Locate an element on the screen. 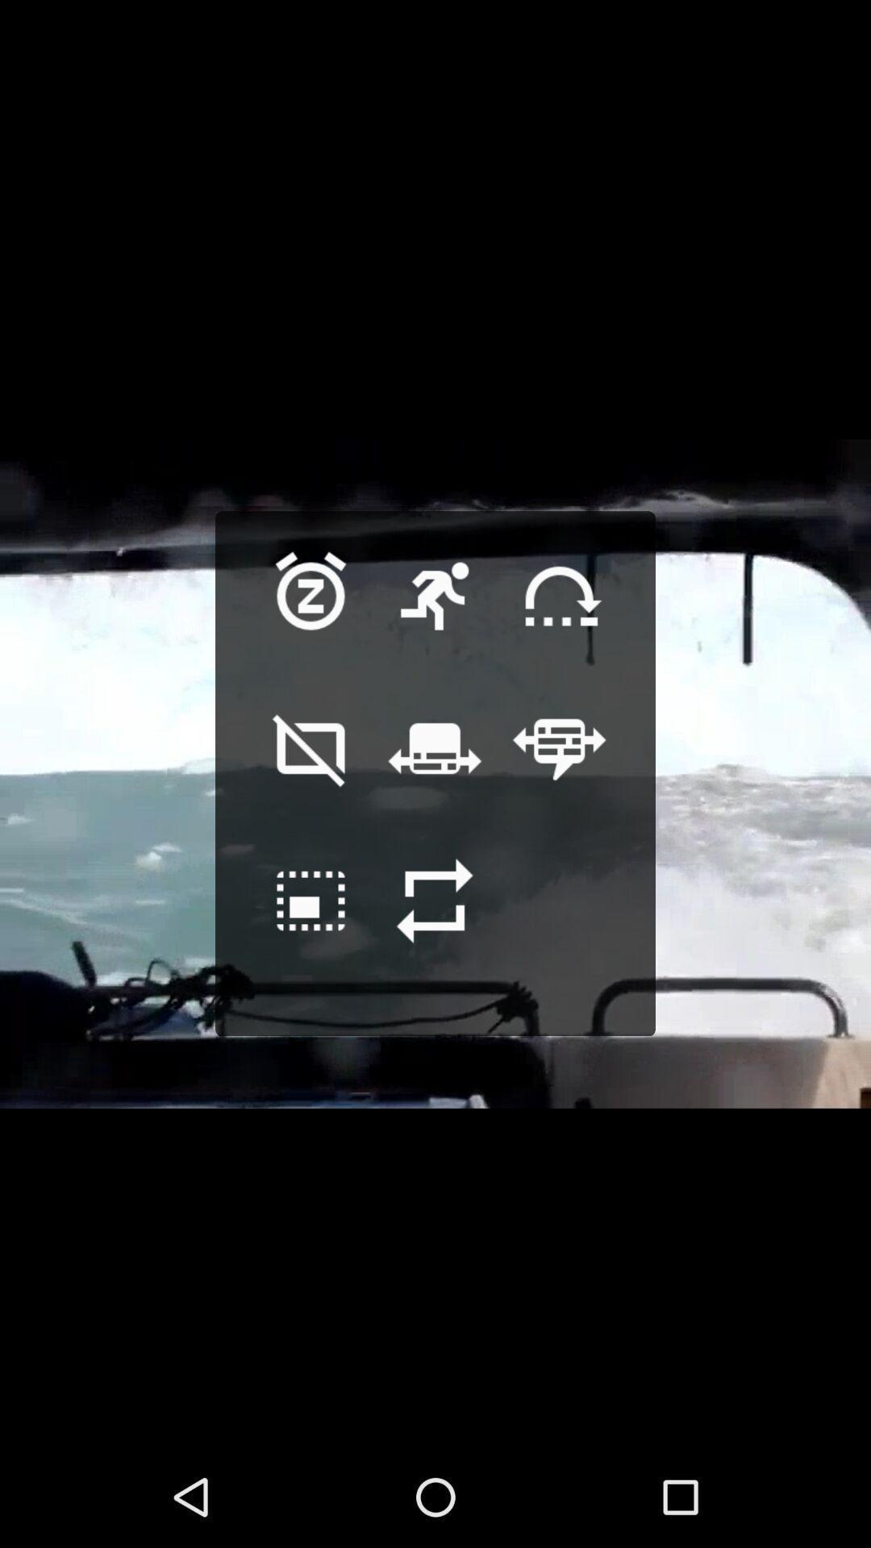 The height and width of the screenshot is (1548, 871). return is located at coordinates (434, 926).